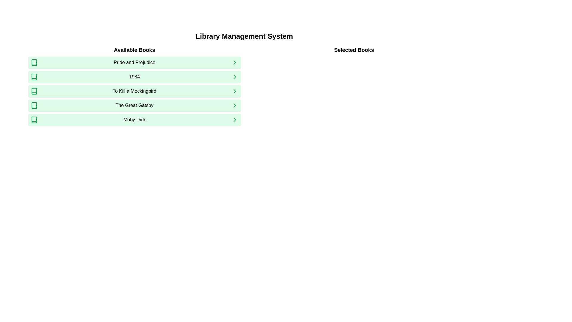 Image resolution: width=572 pixels, height=322 pixels. What do you see at coordinates (134, 77) in the screenshot?
I see `the static text label displaying '1984' in bold black font on a light green background, which is the second item under the 'Available Books' section` at bounding box center [134, 77].